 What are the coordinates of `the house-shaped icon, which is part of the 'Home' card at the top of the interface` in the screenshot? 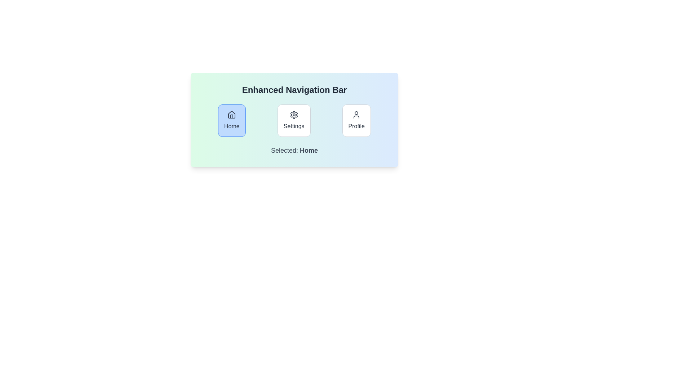 It's located at (232, 115).